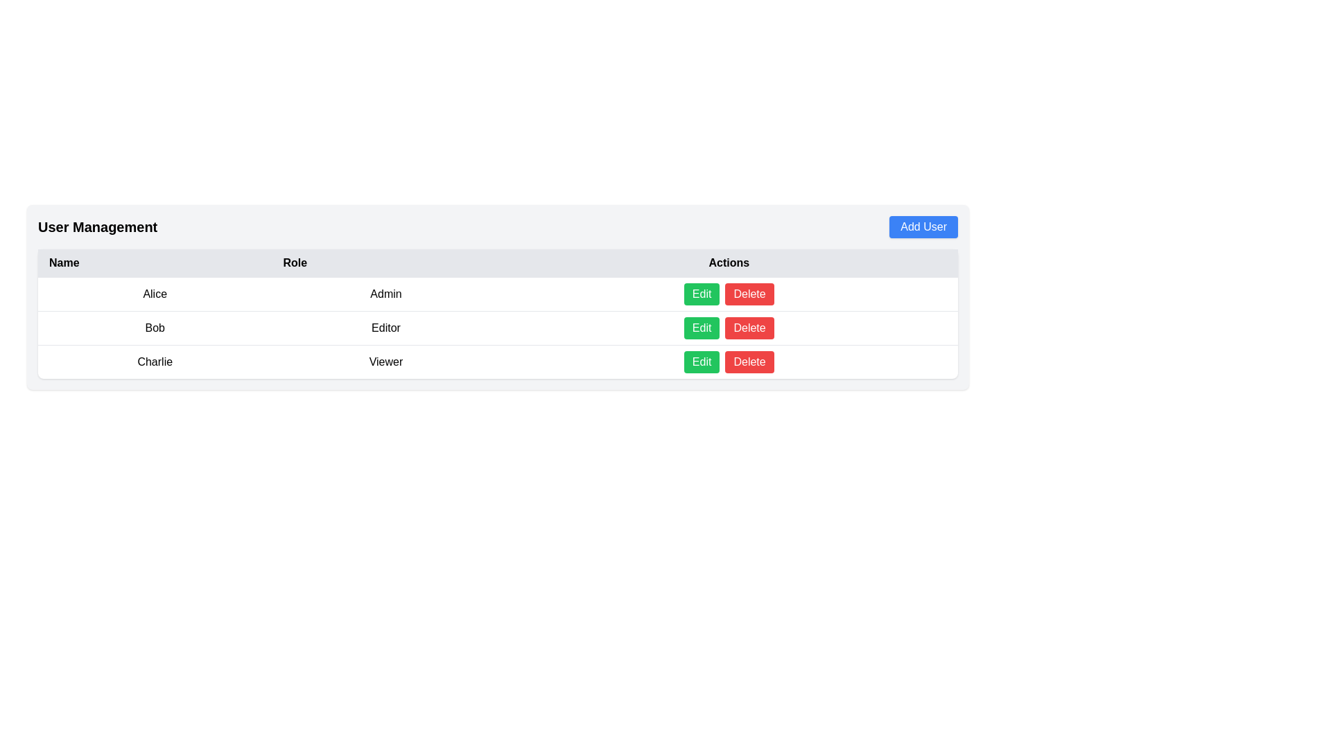 The width and height of the screenshot is (1331, 748). I want to click on the delete button in the second row of the user management table to observe its hover effects, so click(749, 362).